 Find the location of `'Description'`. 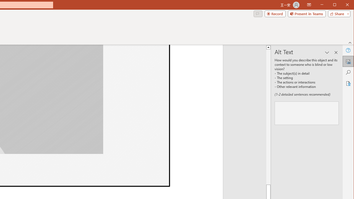

'Description' is located at coordinates (306, 113).